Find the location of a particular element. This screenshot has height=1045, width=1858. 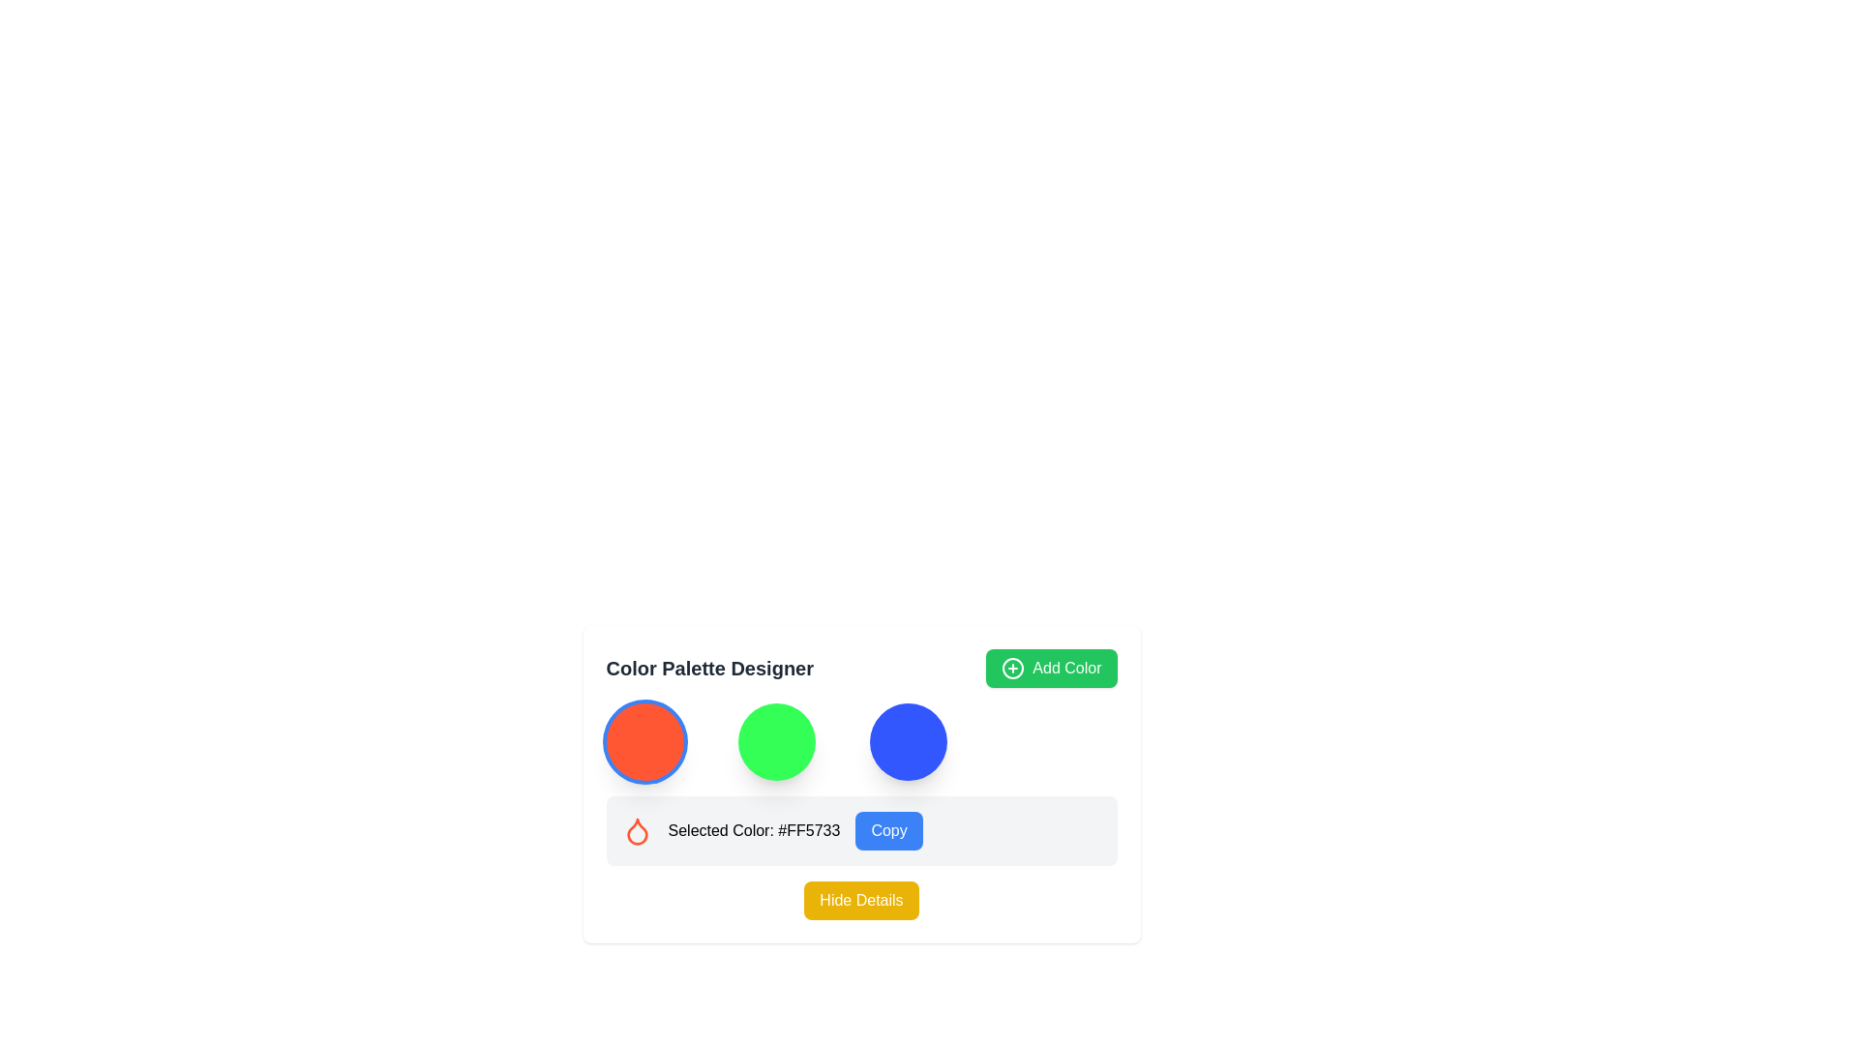

the button at the rightmost end of the row that allows the user to copy the currently displayed color code is located at coordinates (888, 830).